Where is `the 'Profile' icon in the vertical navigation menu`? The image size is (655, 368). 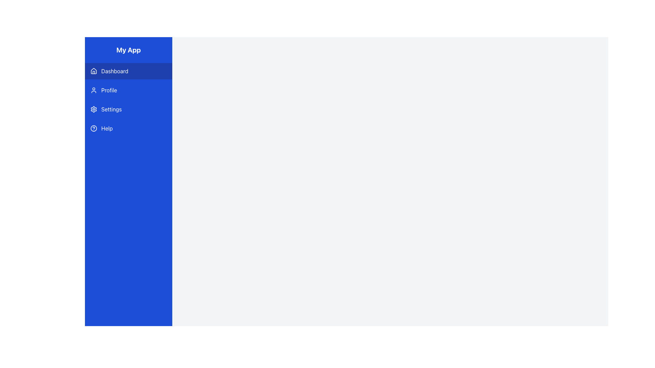 the 'Profile' icon in the vertical navigation menu is located at coordinates (93, 90).